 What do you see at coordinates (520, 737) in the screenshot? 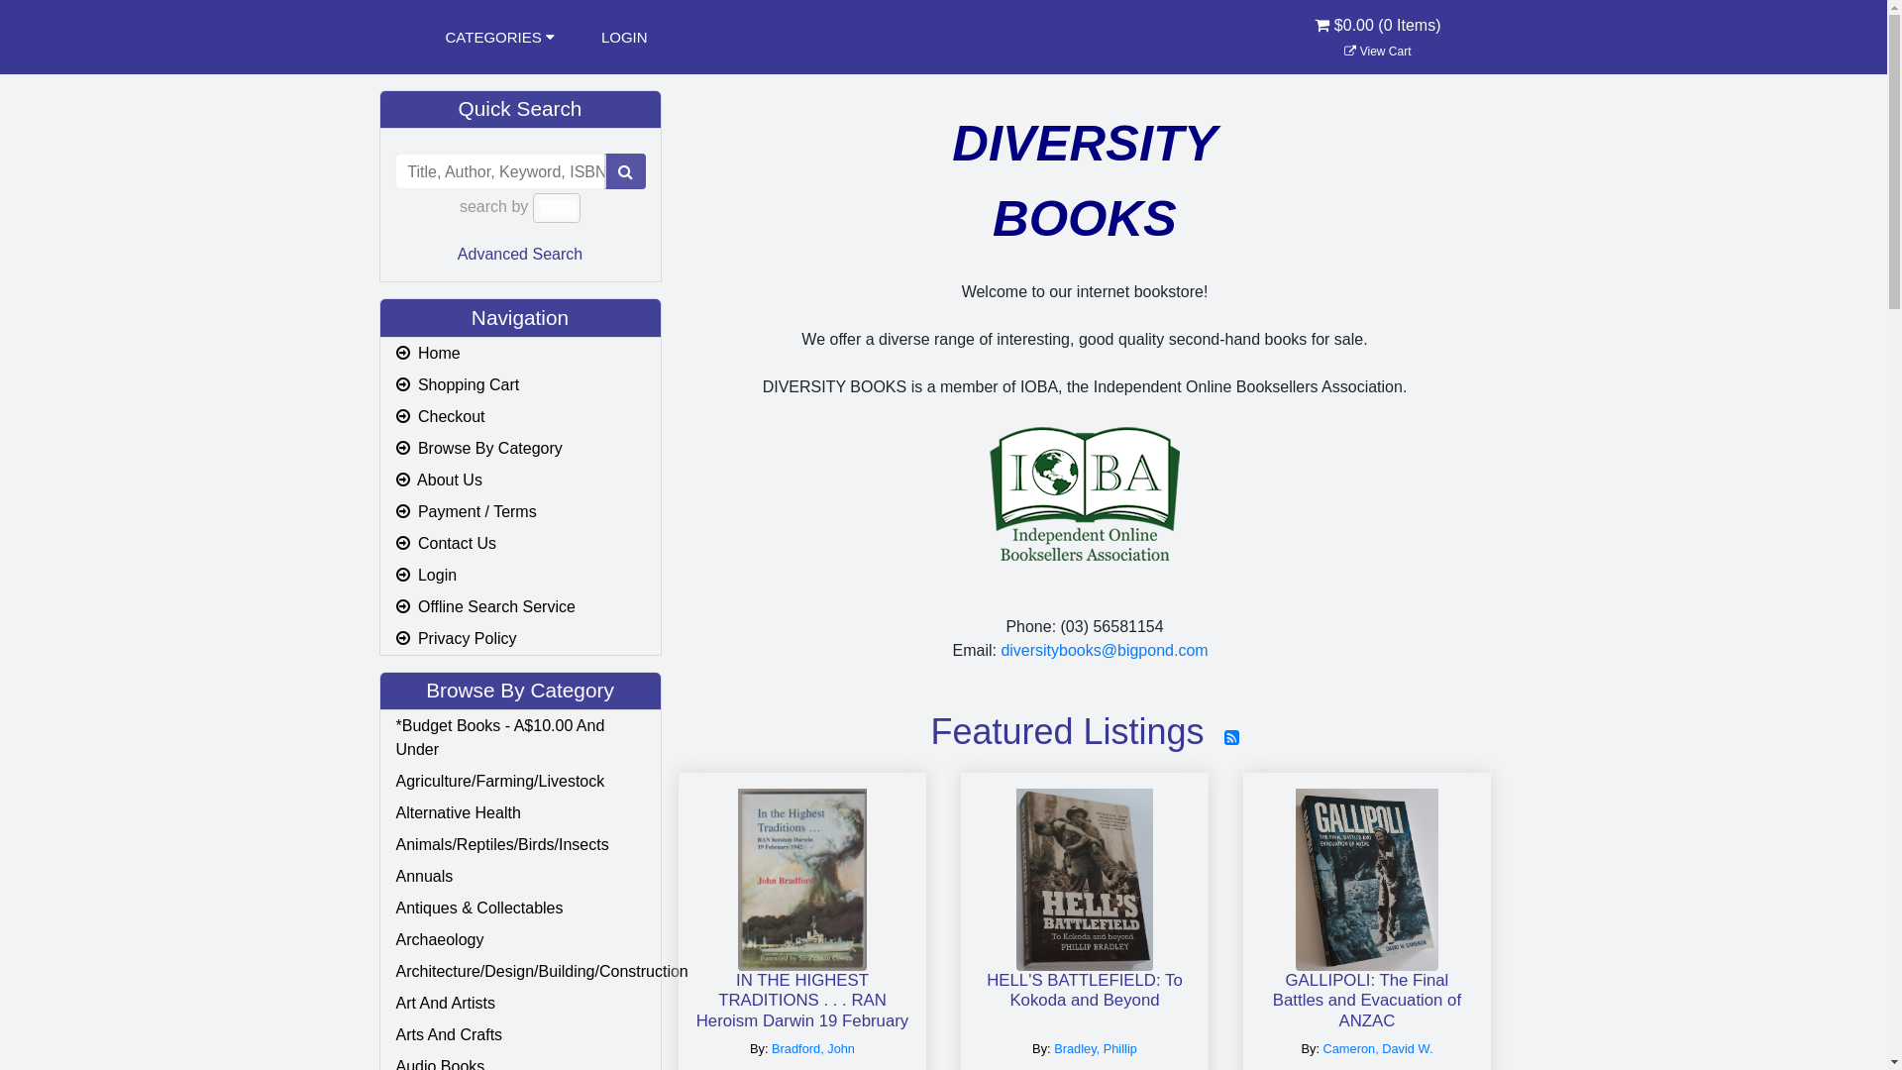
I see `'*Budget Books - A$10.00 And Under'` at bounding box center [520, 737].